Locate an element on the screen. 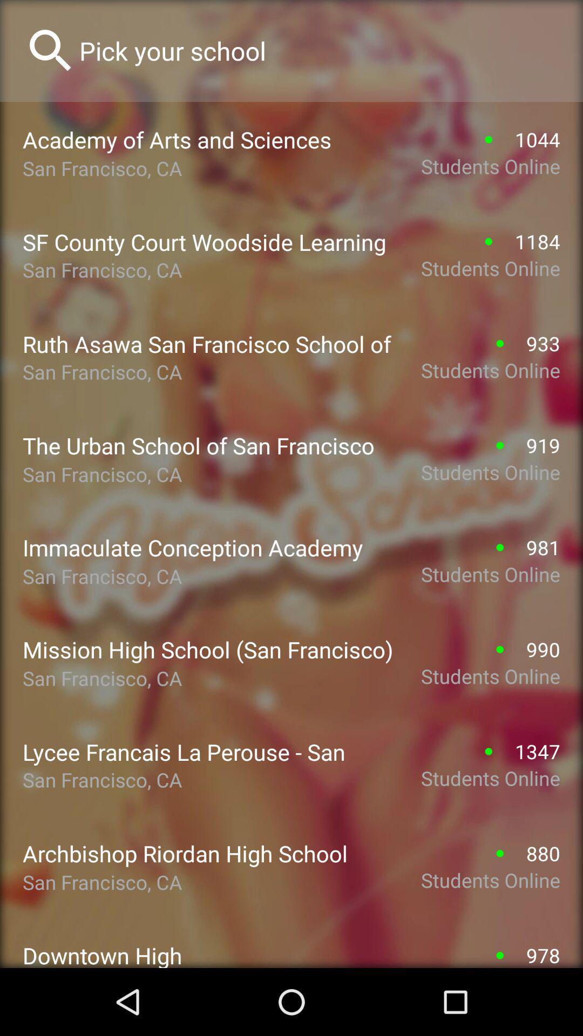 This screenshot has width=583, height=1036. the search button on the web page is located at coordinates (51, 50).